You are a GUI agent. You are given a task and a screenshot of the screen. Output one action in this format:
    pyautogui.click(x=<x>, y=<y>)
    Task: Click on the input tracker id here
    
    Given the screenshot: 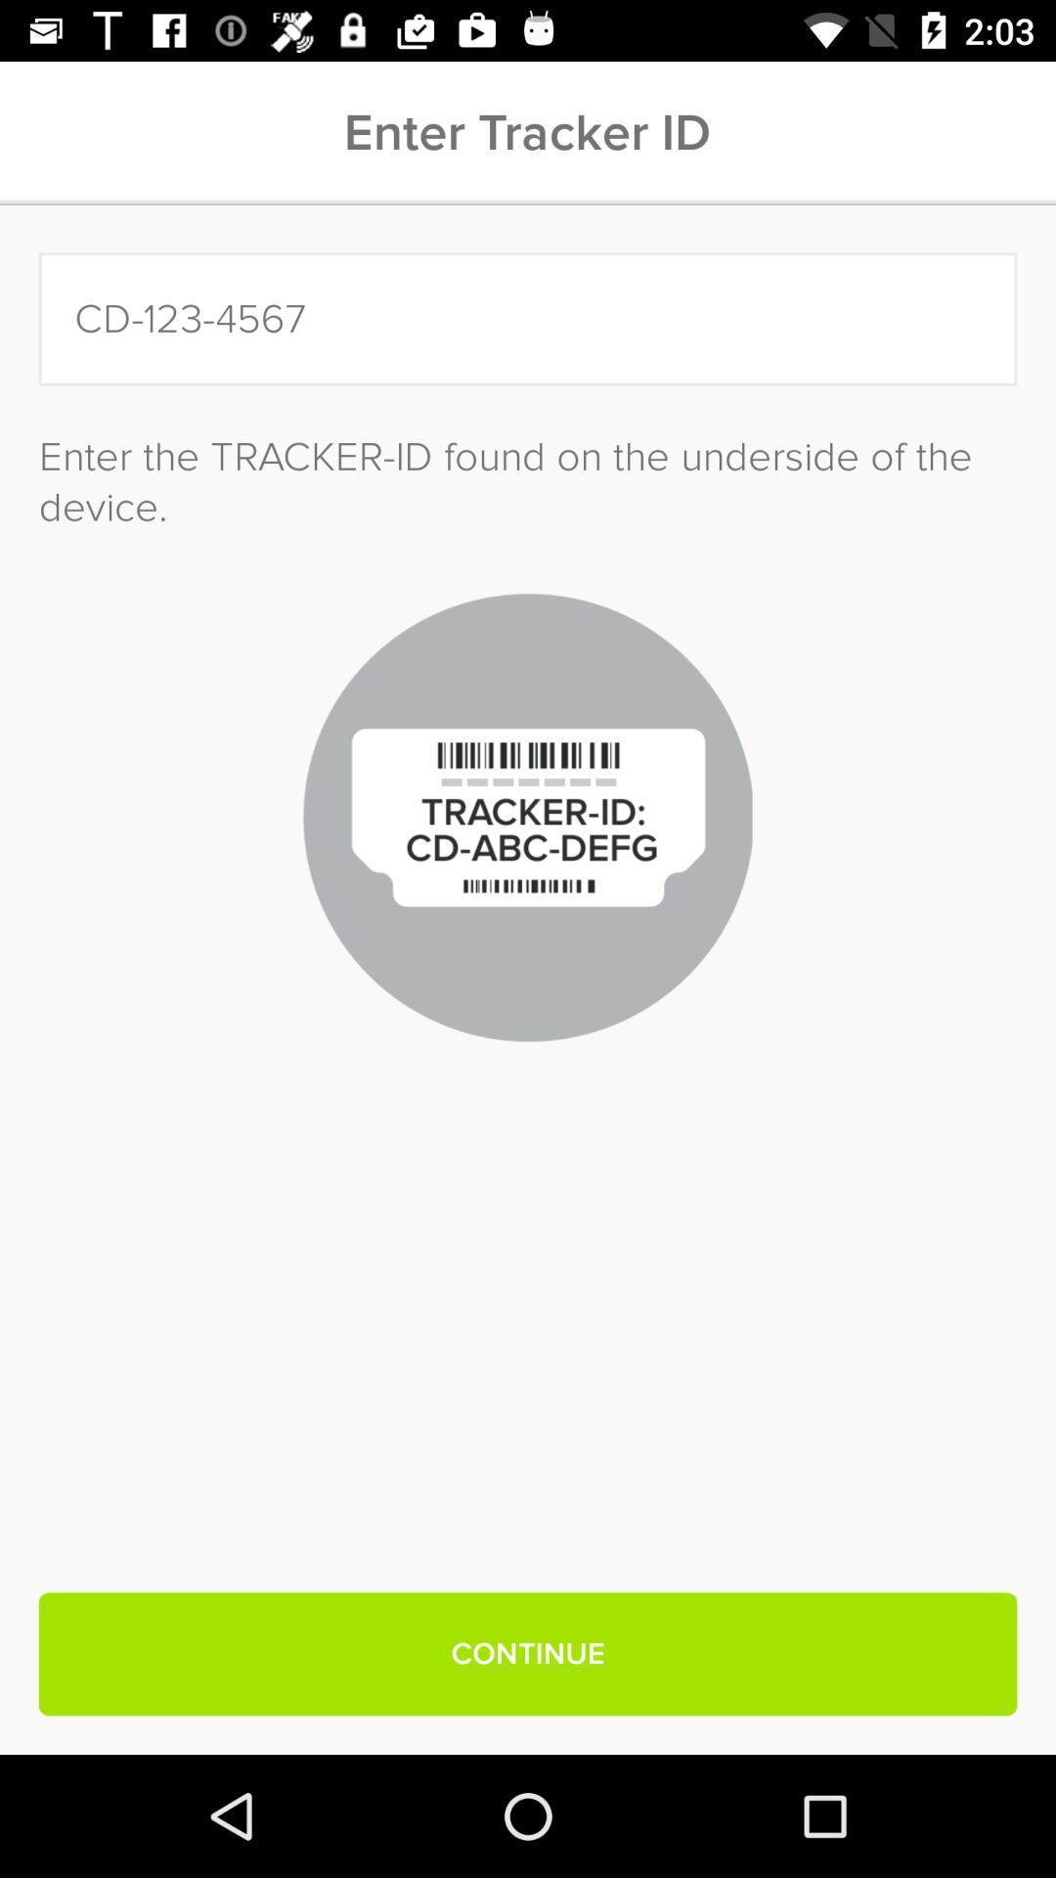 What is the action you would take?
    pyautogui.click(x=528, y=319)
    